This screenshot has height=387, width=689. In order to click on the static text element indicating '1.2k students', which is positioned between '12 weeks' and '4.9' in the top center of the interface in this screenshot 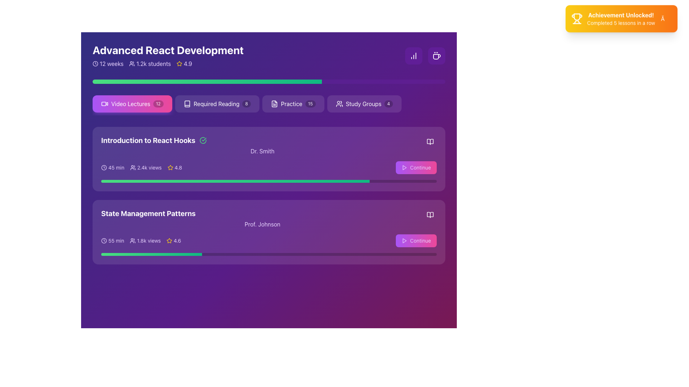, I will do `click(150, 63)`.